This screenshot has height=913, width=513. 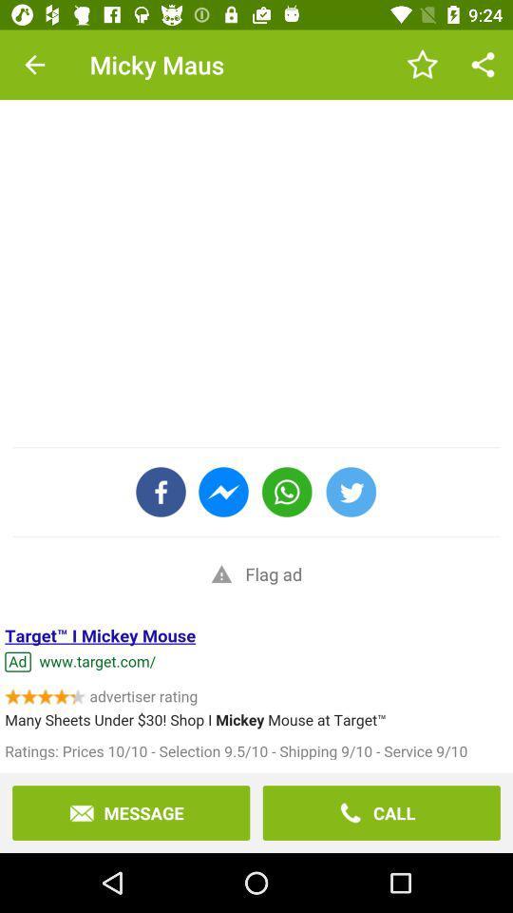 I want to click on the facebook icon, so click(x=160, y=491).